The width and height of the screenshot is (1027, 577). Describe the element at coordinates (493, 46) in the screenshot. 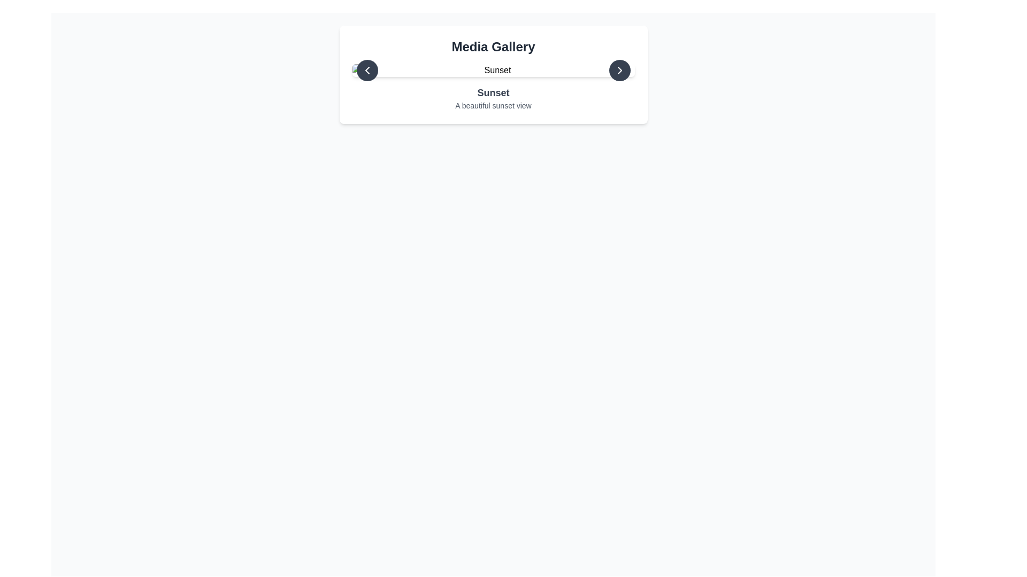

I see `the bold text label displaying 'Media Gallery' at the top of the card-like section` at that location.